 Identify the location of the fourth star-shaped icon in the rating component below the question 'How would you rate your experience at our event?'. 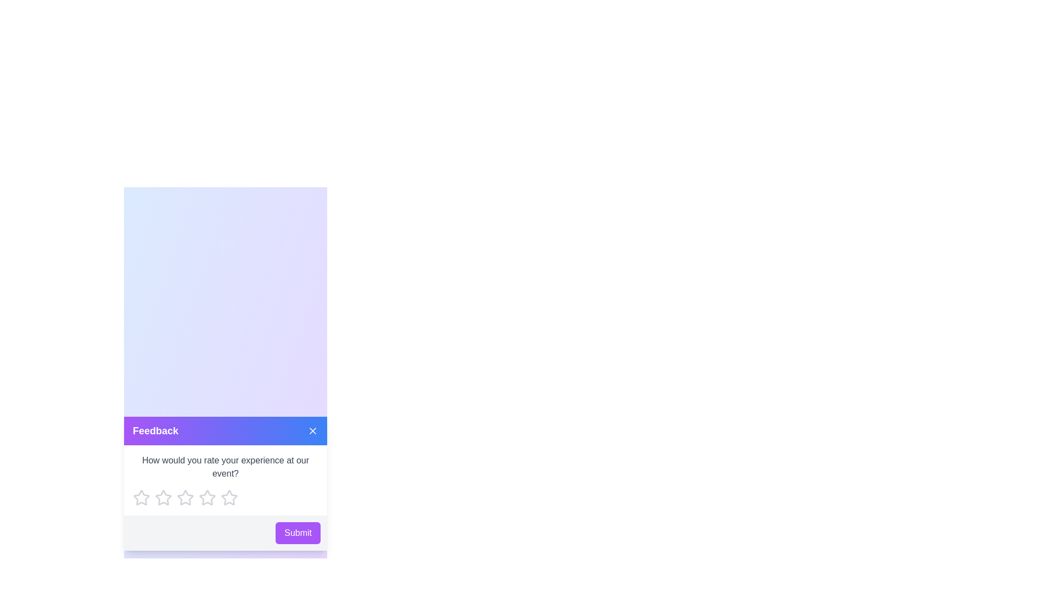
(225, 497).